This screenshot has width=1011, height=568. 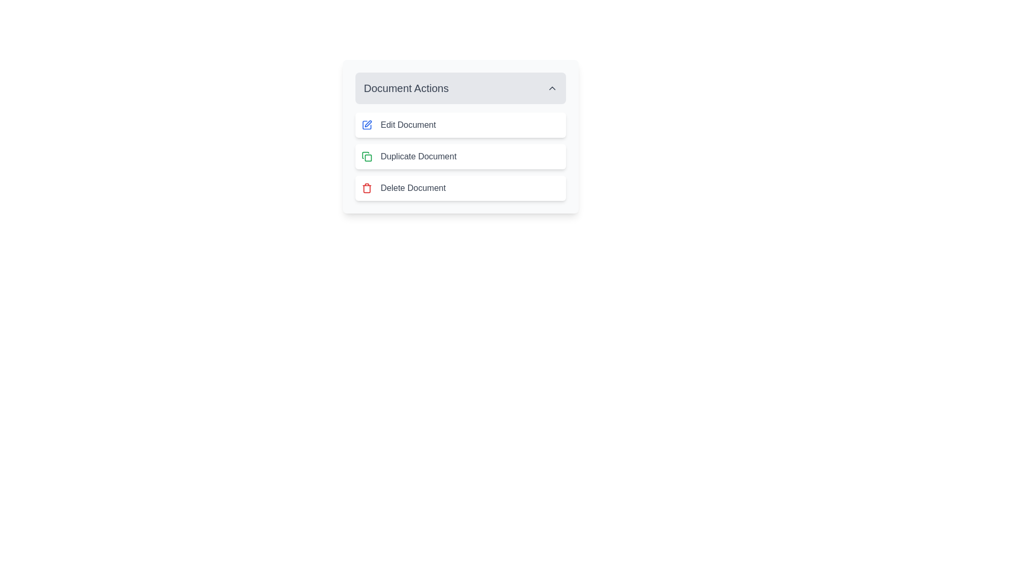 I want to click on text label that says 'Delete Document', which is the third interactive item in the 'Document Actions' panel, positioned below the 'Duplicate Document' option and aligned with a red trash icon on the left, so click(x=412, y=188).